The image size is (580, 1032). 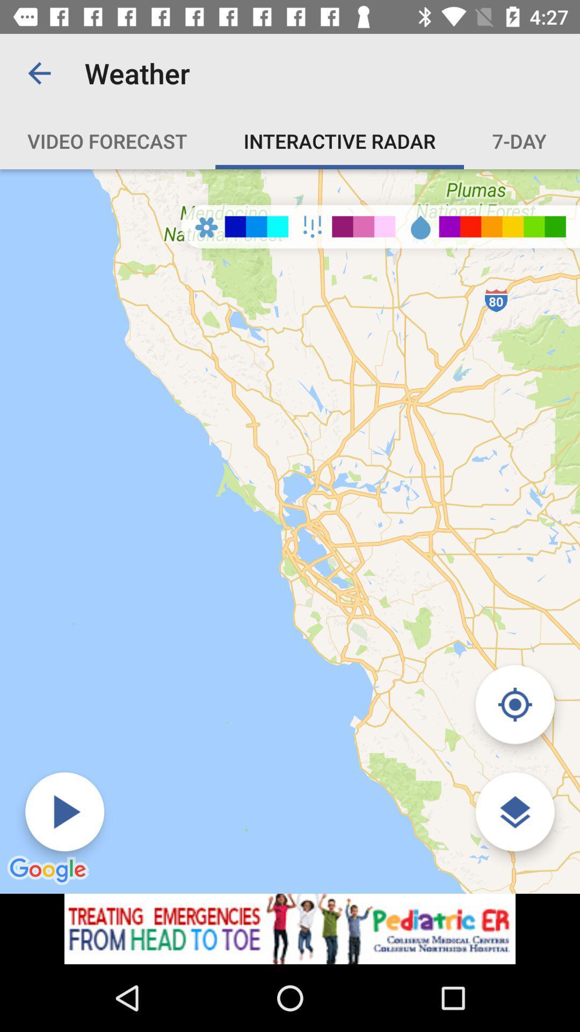 What do you see at coordinates (514, 704) in the screenshot?
I see `direction` at bounding box center [514, 704].